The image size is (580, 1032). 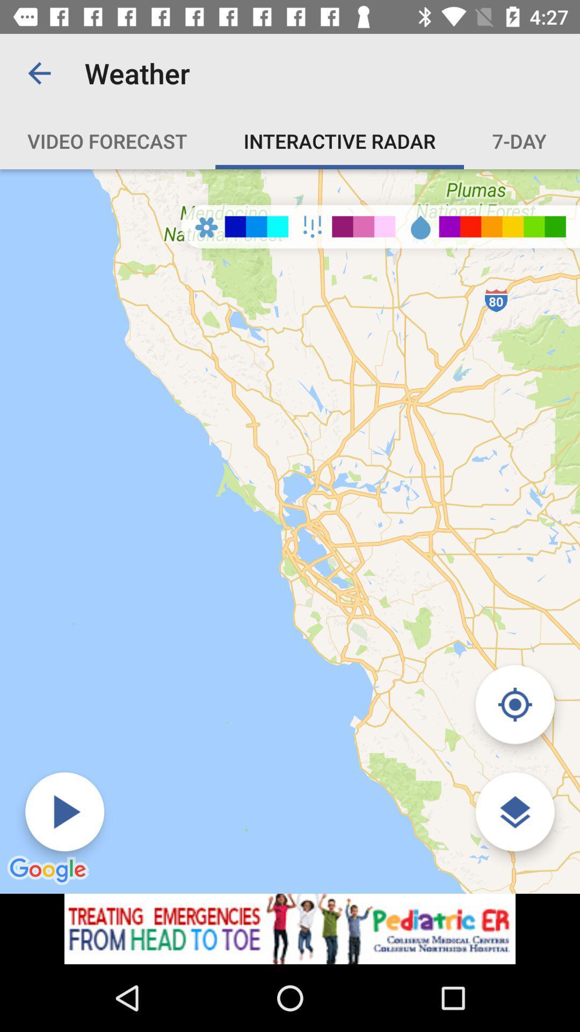 What do you see at coordinates (514, 704) in the screenshot?
I see `direction` at bounding box center [514, 704].